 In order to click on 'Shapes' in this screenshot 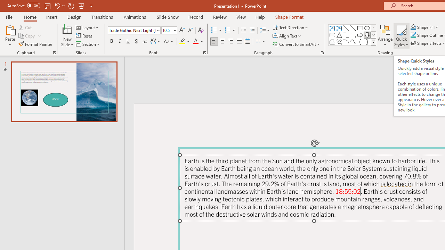, I will do `click(373, 42)`.